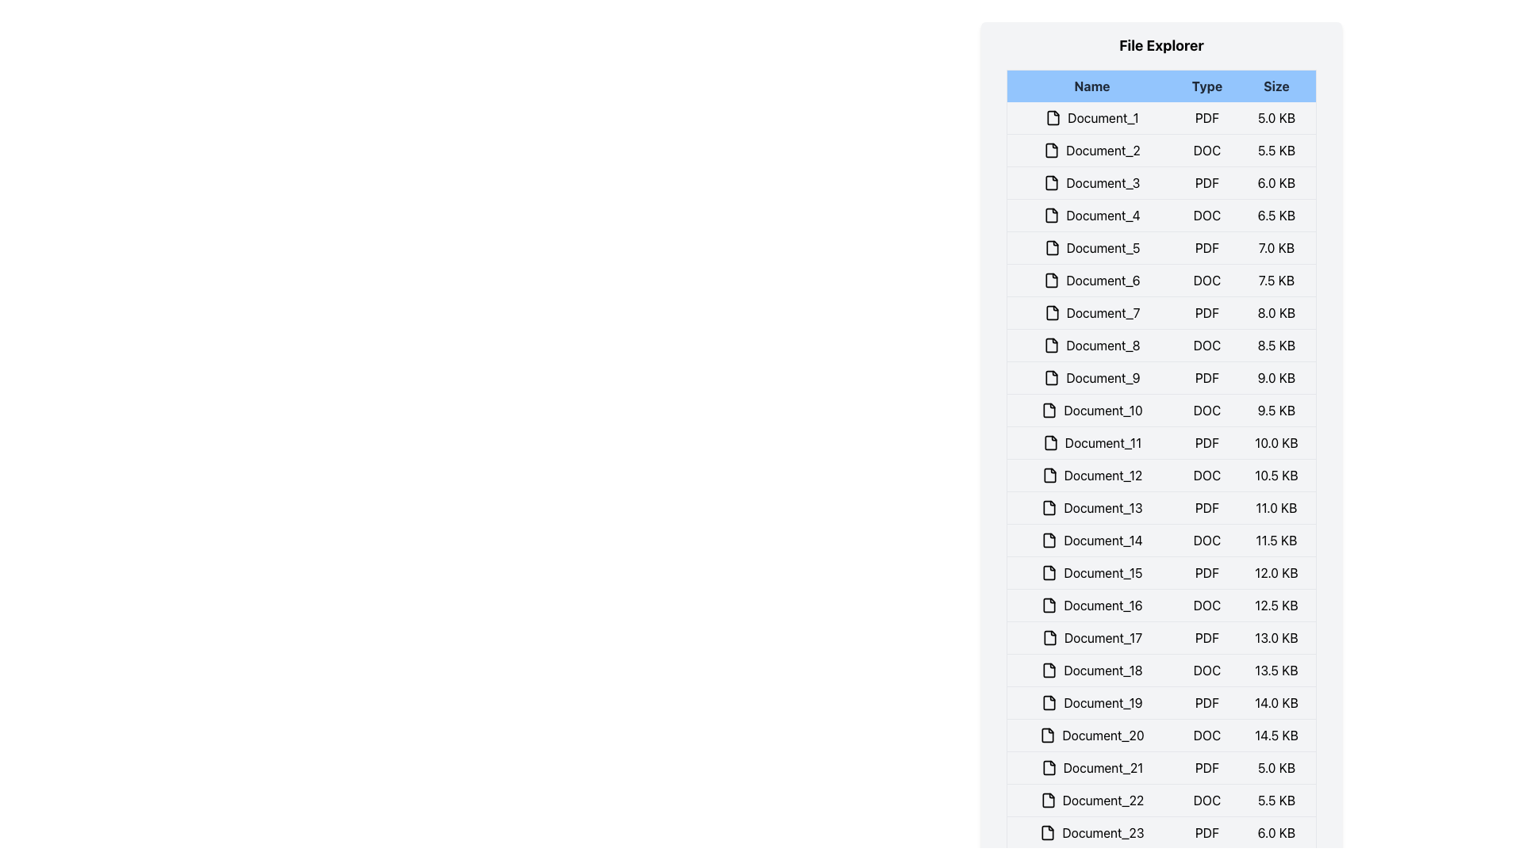  I want to click on text label 'Document_8' from the 'Name' column in the 'File Explorer' interface, which is visually represented with an icon of a document file to the left, so click(1091, 344).